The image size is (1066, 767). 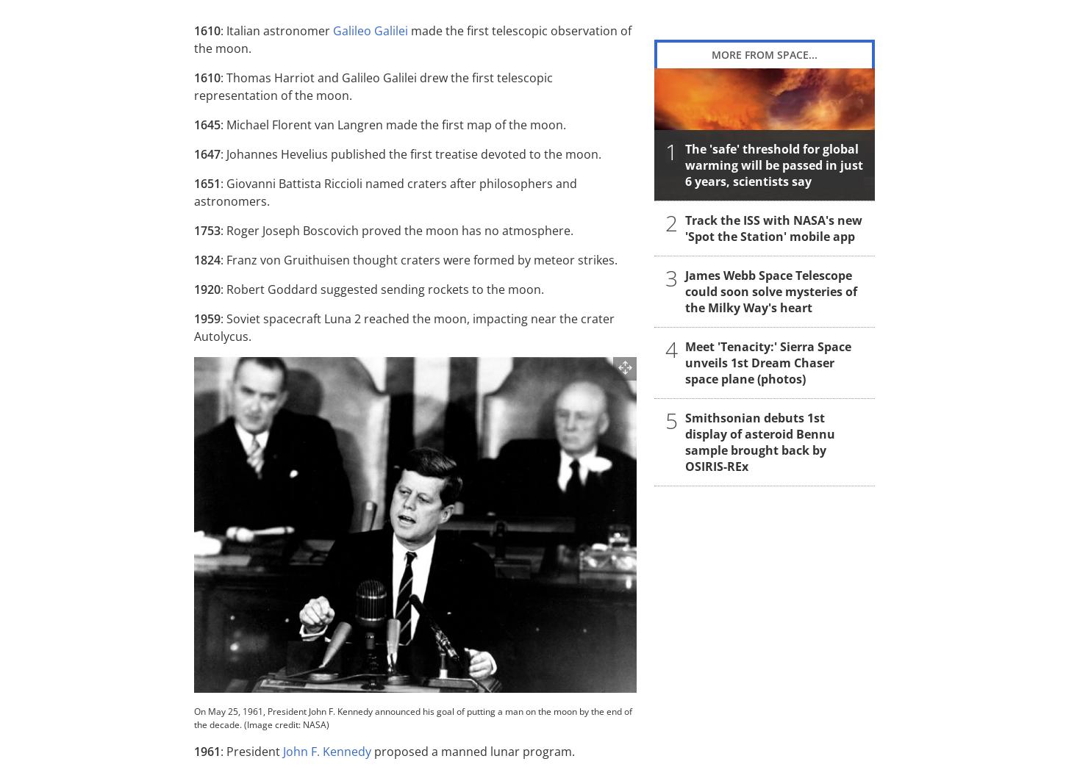 What do you see at coordinates (670, 419) in the screenshot?
I see `'5'` at bounding box center [670, 419].